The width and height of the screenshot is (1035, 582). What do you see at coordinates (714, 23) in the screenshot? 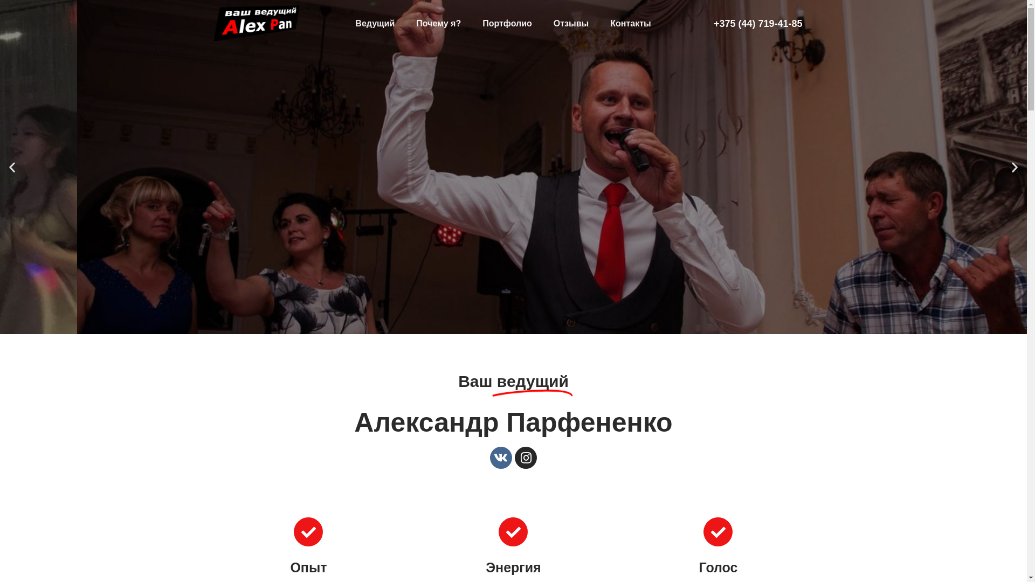
I see `'+375 (44) 719-41-85'` at bounding box center [714, 23].